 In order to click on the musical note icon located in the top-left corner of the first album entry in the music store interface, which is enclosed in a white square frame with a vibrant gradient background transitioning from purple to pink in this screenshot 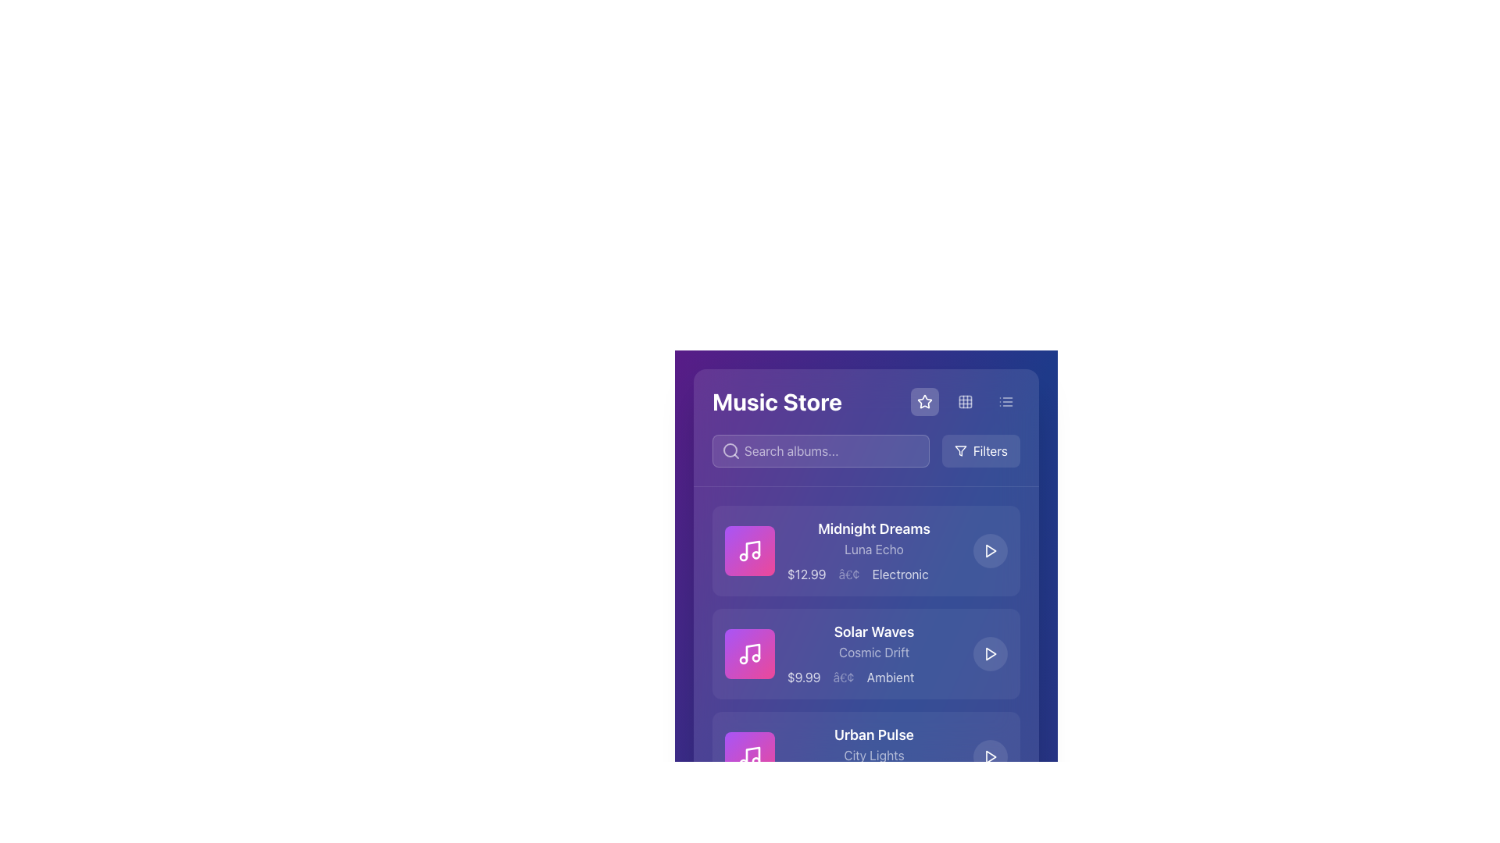, I will do `click(750, 550)`.